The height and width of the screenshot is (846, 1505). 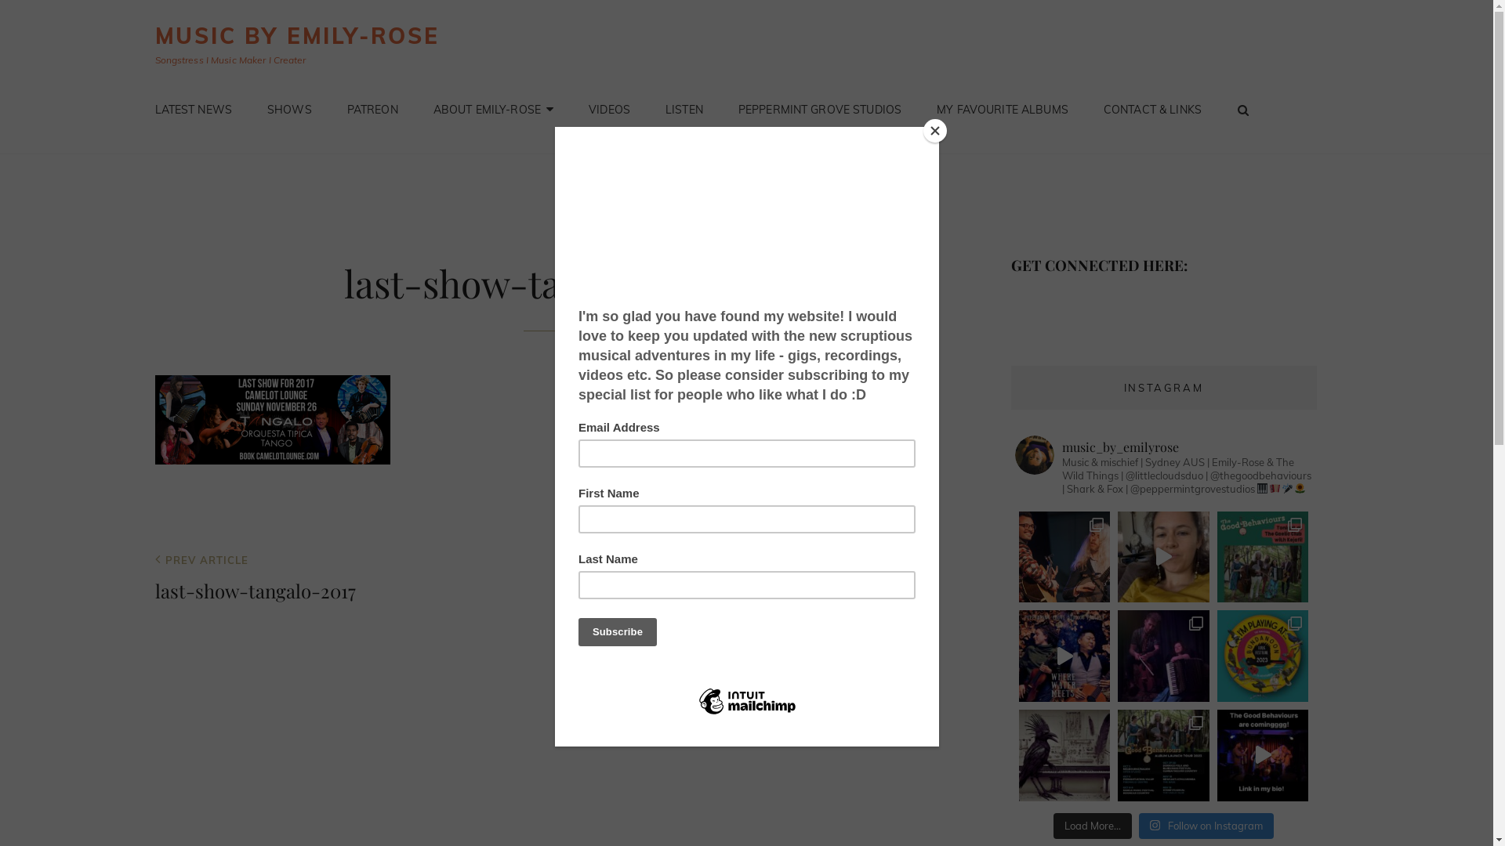 What do you see at coordinates (139, 108) in the screenshot?
I see `'LATEST NEWS'` at bounding box center [139, 108].